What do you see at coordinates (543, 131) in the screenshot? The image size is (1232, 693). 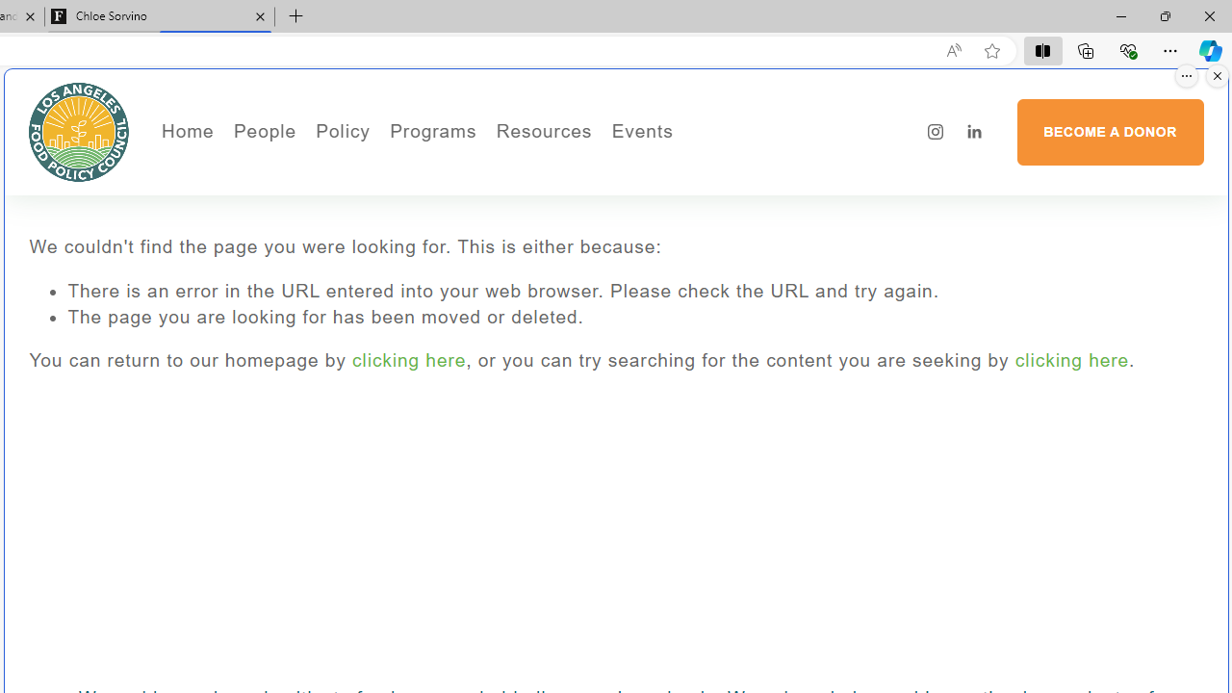 I see `'Resources'` at bounding box center [543, 131].